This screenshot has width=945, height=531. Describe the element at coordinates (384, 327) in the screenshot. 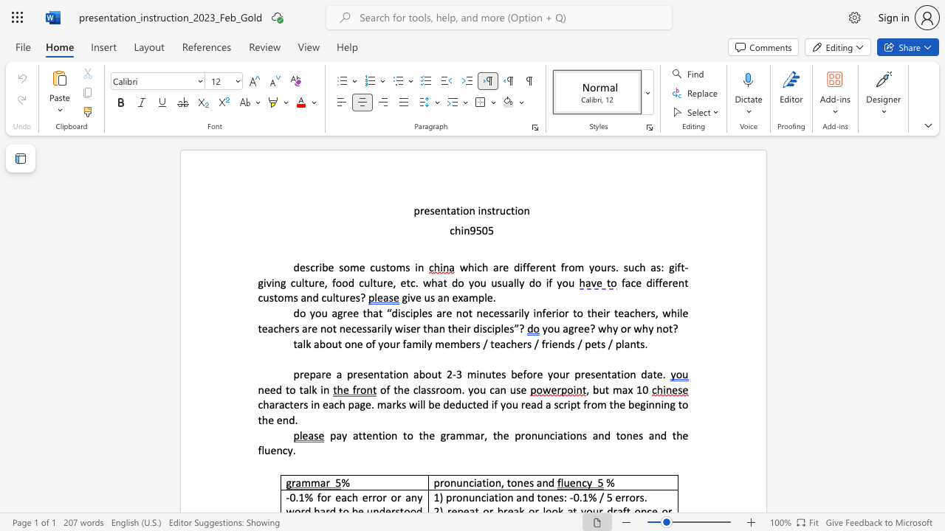

I see `the subset text "ly wiser than th" within the text "do you agree that “disciples are not necessarily inferior to their teachers, while teachers are not necessarily wiser than their disciples”?"` at that location.